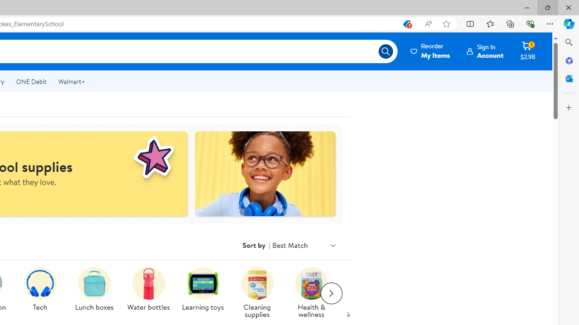  What do you see at coordinates (71, 82) in the screenshot?
I see `'Walmart+'` at bounding box center [71, 82].